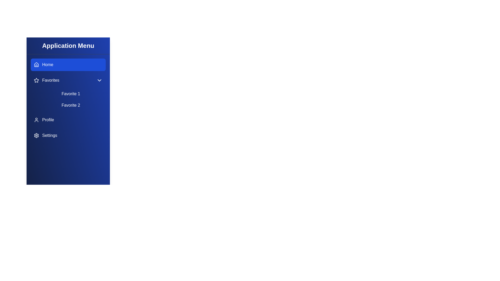 The height and width of the screenshot is (281, 500). Describe the element at coordinates (71, 105) in the screenshot. I see `the 'Favorite 2' menu option, which is the second item under the 'Favorites' section in the vertical navigation menu, distinguished by its white font on a blue background` at that location.